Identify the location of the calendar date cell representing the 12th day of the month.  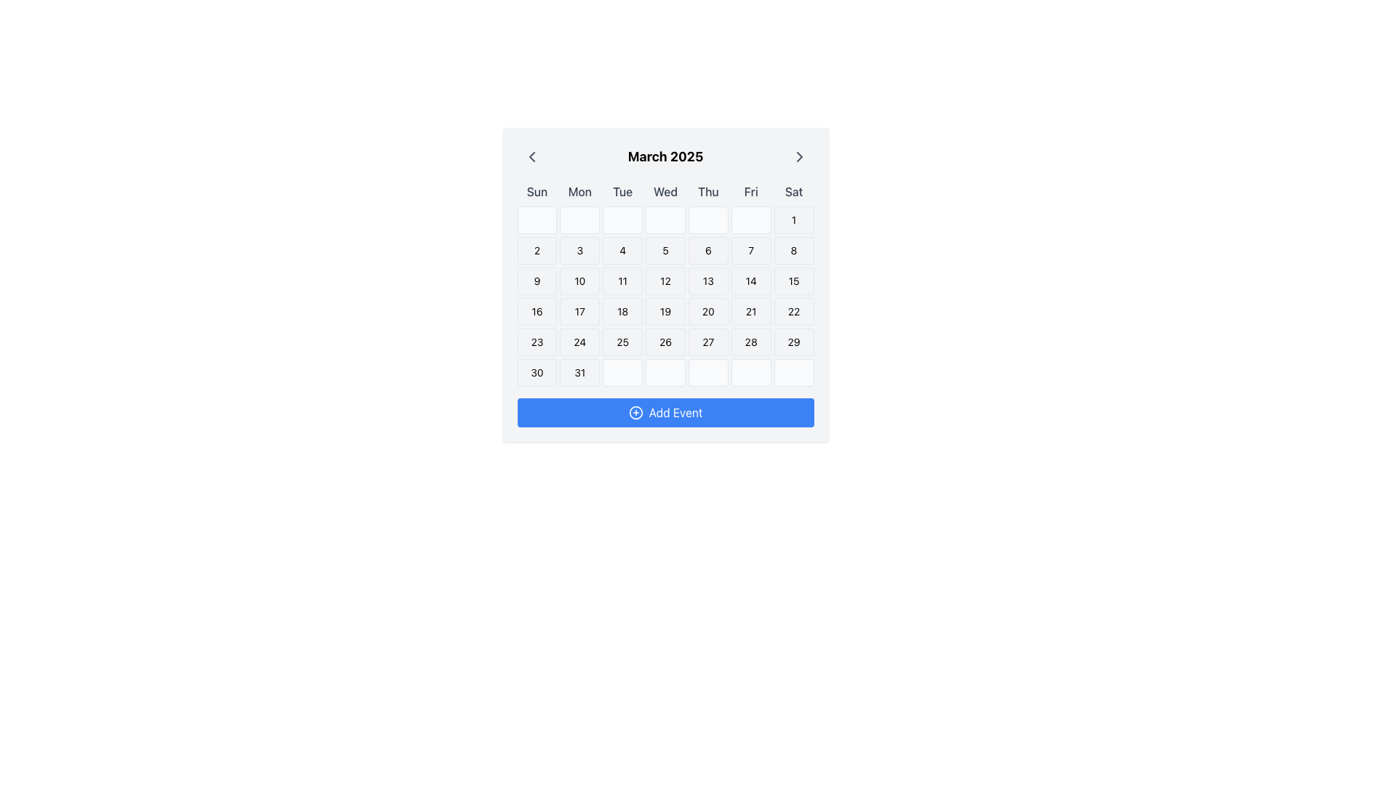
(665, 281).